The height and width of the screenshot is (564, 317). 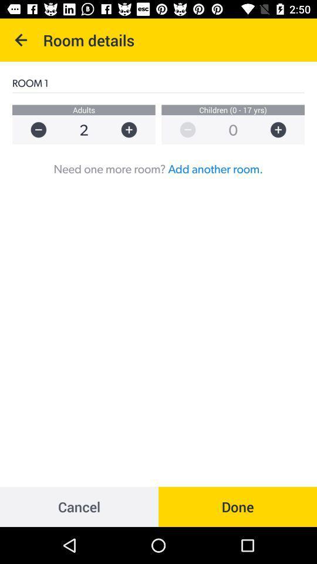 I want to click on reduce amount of adullts, so click(x=32, y=130).